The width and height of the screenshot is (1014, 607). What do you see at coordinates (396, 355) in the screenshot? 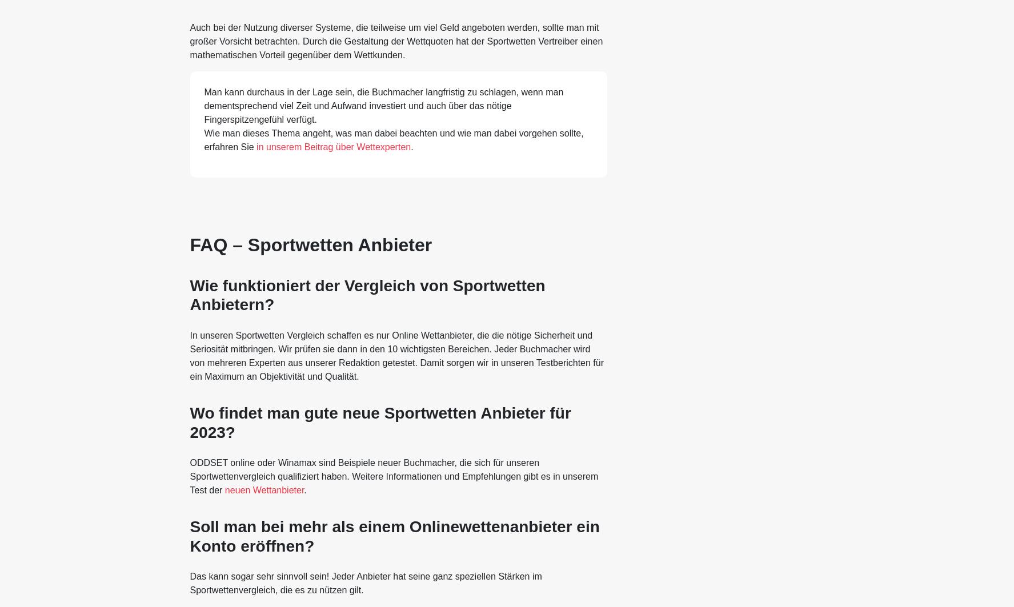
I see `'In unseren Sportwetten Vergleich schaffen es nur Online Wettanbieter, die die nötige Sicherheit und Seriosität mitbringen. Wir prüfen sie dann in den 10 wichtigsten Bereichen. Jeder Buchmacher wird von mehreren Experten aus unserer Redaktion getestet. Damit sorgen wir in unseren Testberichten für ein Maximum an Objektivität und Qualität.'` at bounding box center [396, 355].